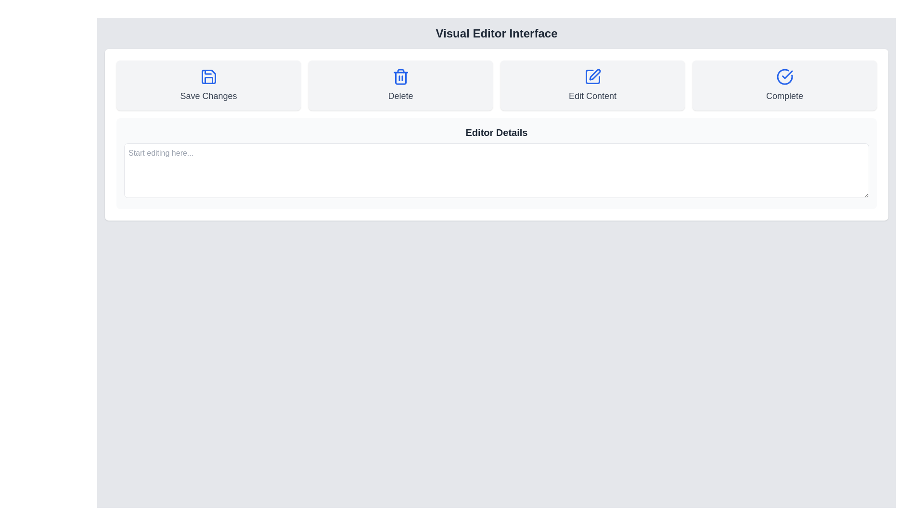  What do you see at coordinates (400, 77) in the screenshot?
I see `the trash can icon, which is part of the 'Delete' button` at bounding box center [400, 77].